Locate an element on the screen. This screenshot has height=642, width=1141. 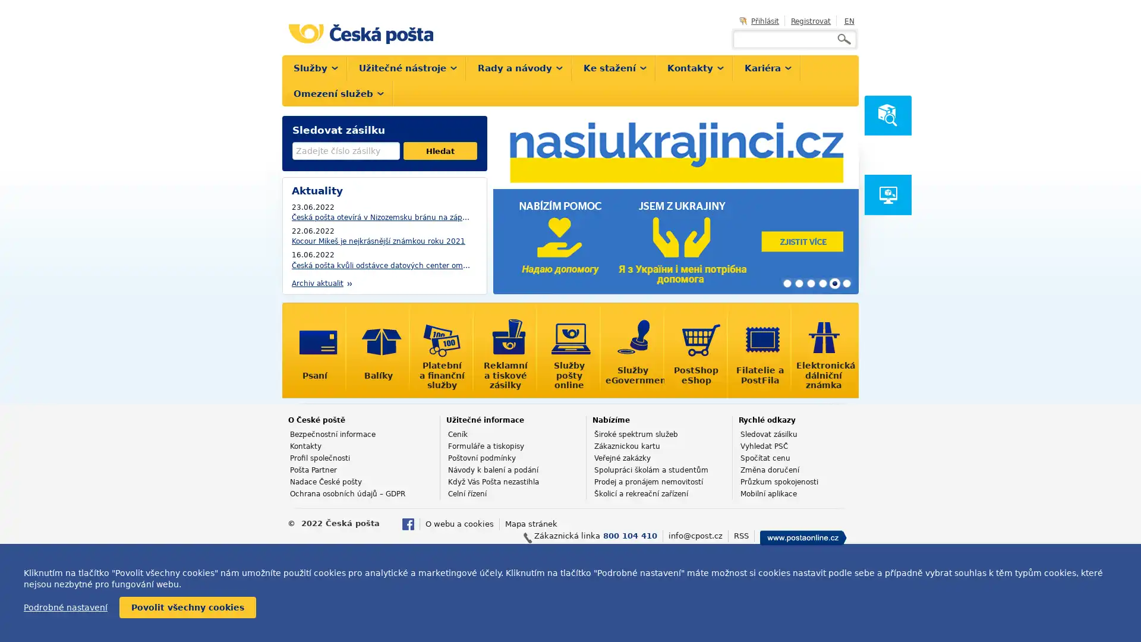
Hledat is located at coordinates (439, 150).